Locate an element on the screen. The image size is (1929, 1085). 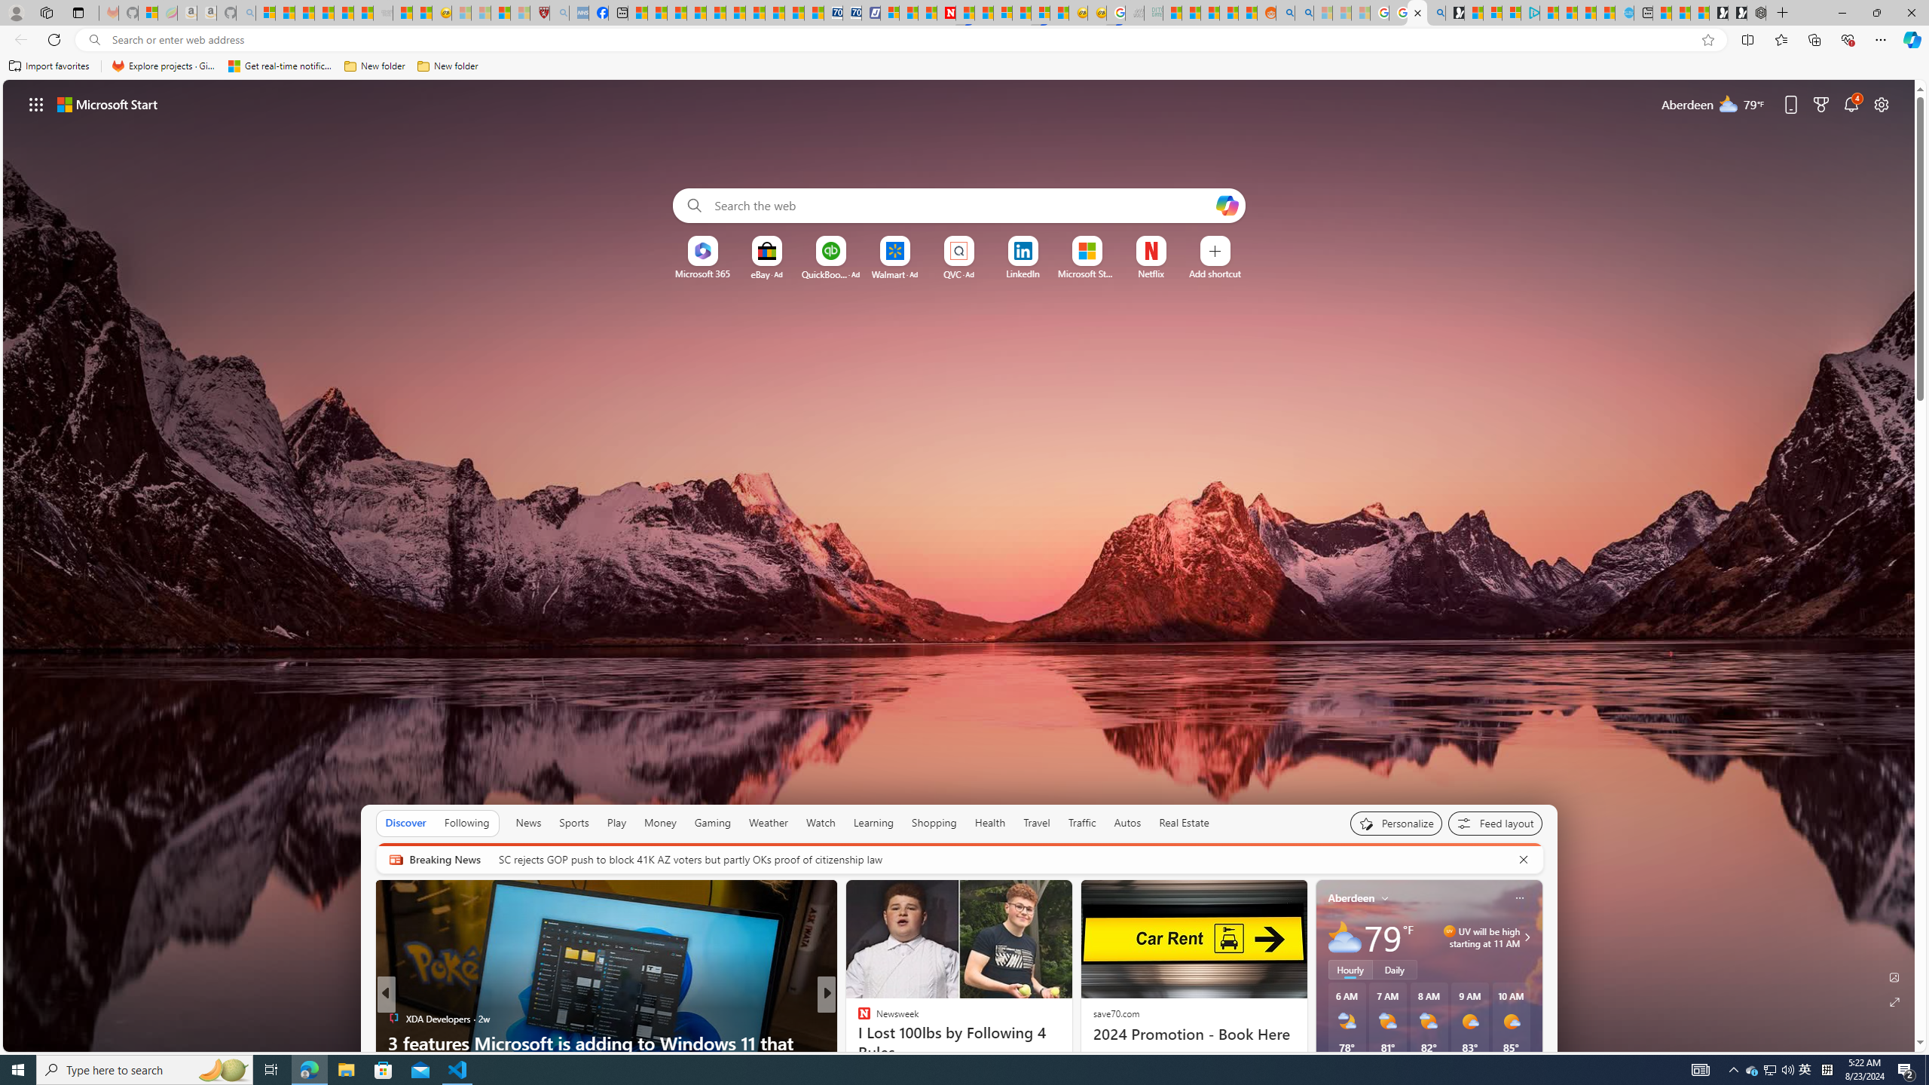
'Play' is located at coordinates (615, 822).